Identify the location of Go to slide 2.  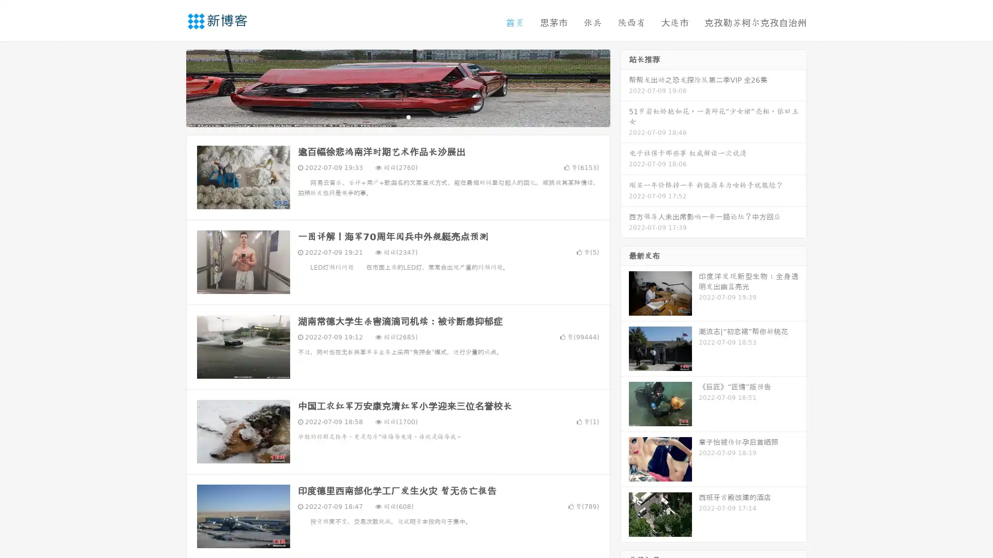
(397, 116).